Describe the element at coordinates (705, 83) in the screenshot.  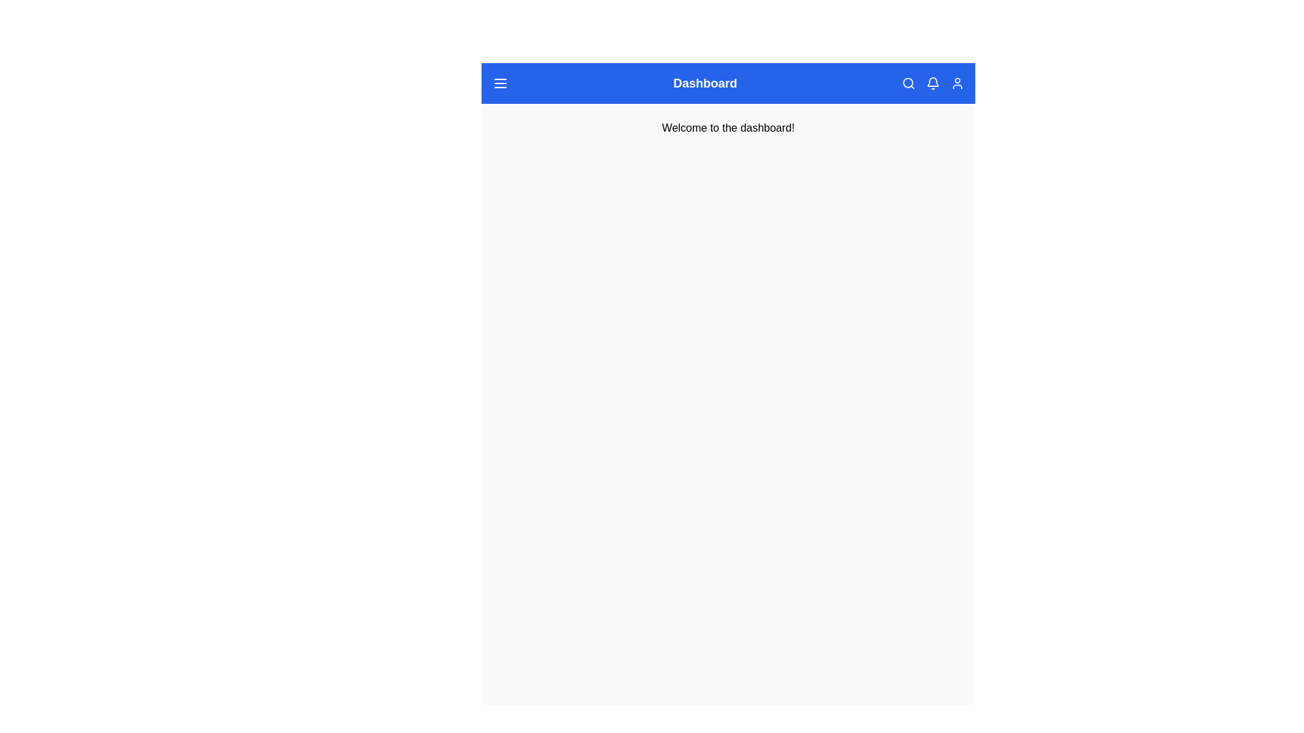
I see `the text 'Dashboard' to interact with it` at that location.